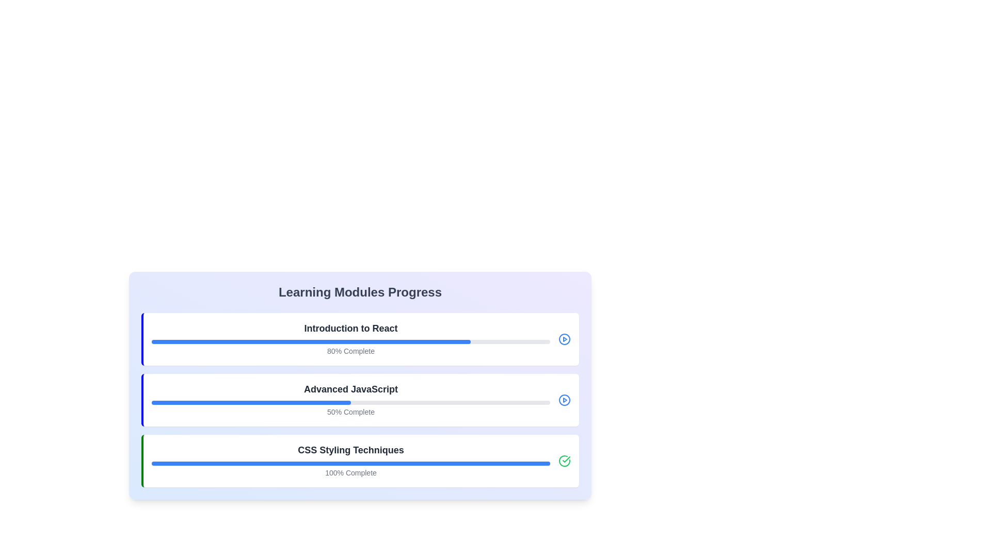 Image resolution: width=991 pixels, height=557 pixels. Describe the element at coordinates (564, 399) in the screenshot. I see `the SVG circle element that represents the play button in the second progress bar of the 'Learning Modules Progress' section for 'Advanced JavaScript'` at that location.